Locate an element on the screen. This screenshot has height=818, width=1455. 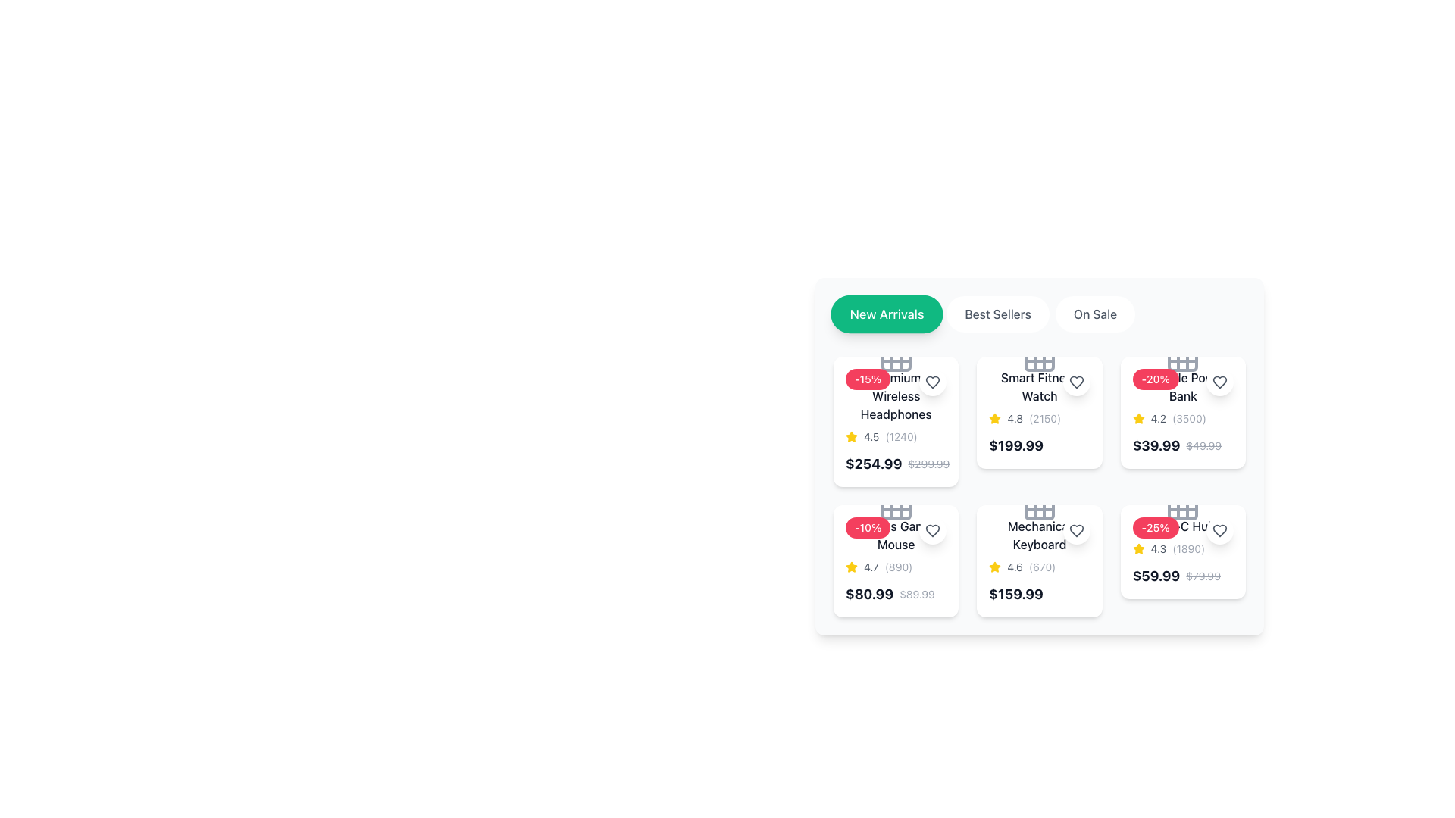
the rating information displayed on the rating indicator for the 'Mechanical Keyboard' located in the middle row of the card grid layout, second column is located at coordinates (1039, 567).